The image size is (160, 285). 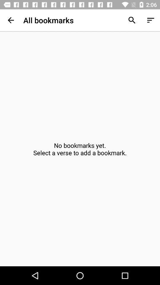 I want to click on item next to all bookmarks app, so click(x=11, y=20).